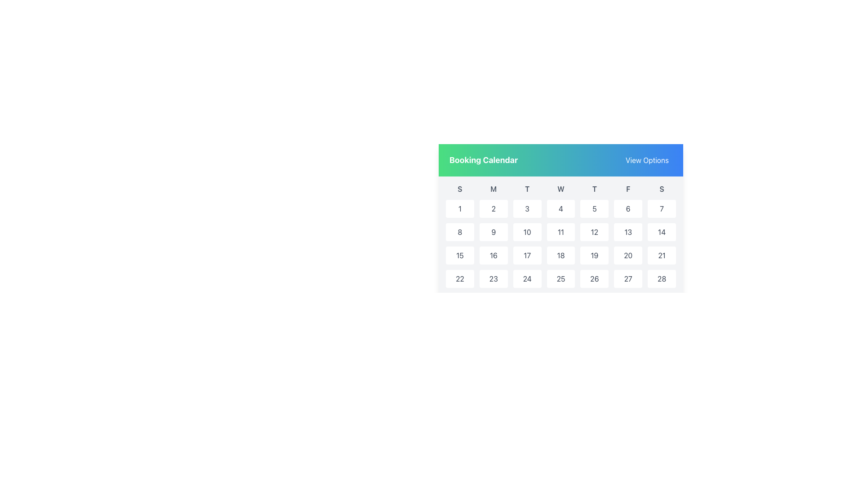 The height and width of the screenshot is (485, 863). What do you see at coordinates (527, 278) in the screenshot?
I see `the button representing the 24th day in the visible calendar interface` at bounding box center [527, 278].